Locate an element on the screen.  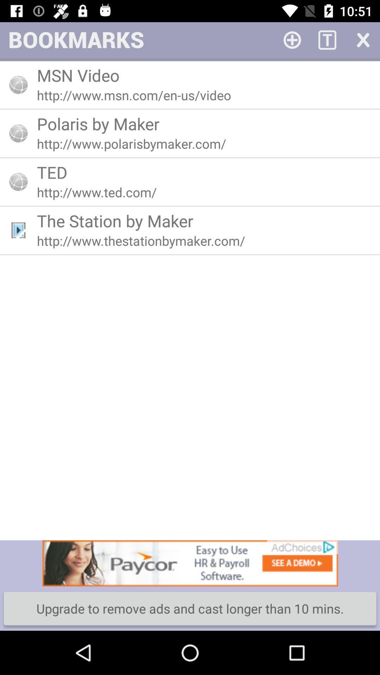
new bookmark is located at coordinates (292, 39).